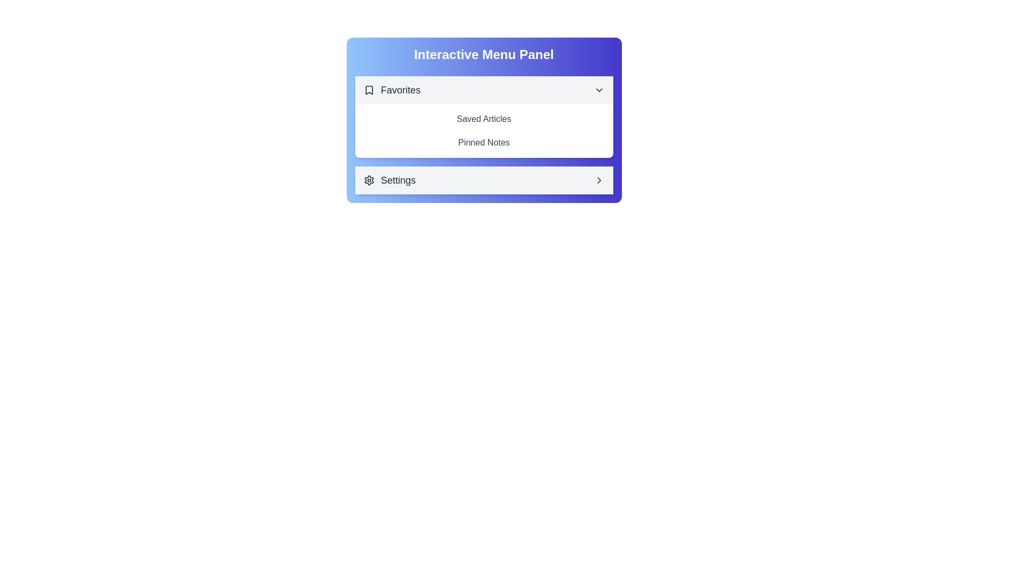 This screenshot has height=580, width=1032. What do you see at coordinates (483, 142) in the screenshot?
I see `the item Pinned Notes from the expanded 'Favorites' section` at bounding box center [483, 142].